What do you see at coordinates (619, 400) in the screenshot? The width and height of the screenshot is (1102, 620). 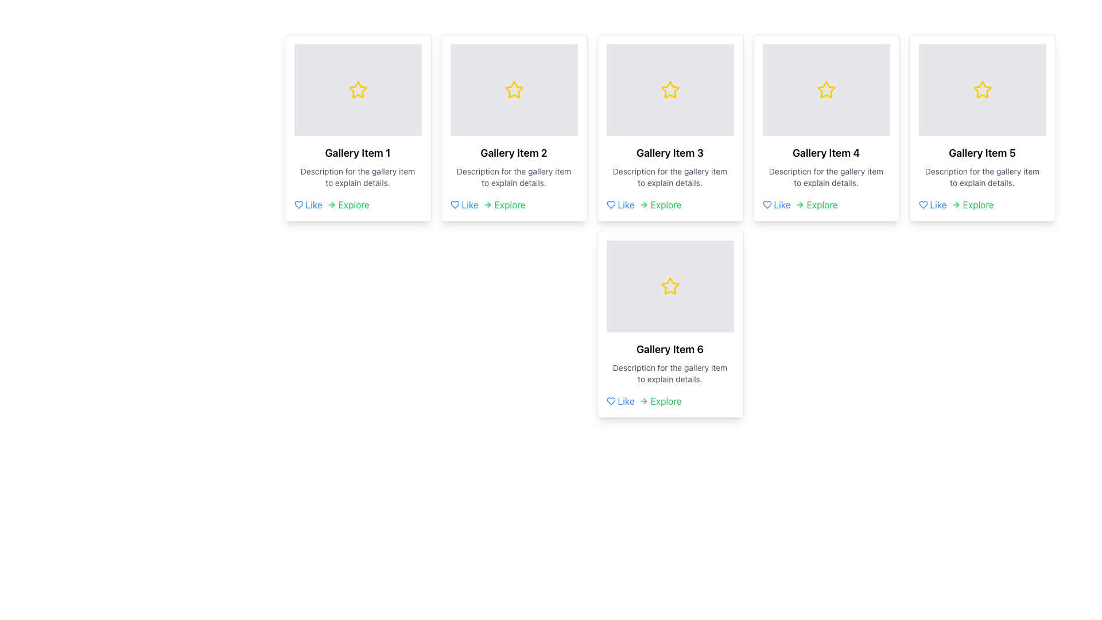 I see `the 'like' text link with an icon located at the bottom-left corner of the card section labeled 'Gallery Item 6' to express interest in the gallery item` at bounding box center [619, 400].